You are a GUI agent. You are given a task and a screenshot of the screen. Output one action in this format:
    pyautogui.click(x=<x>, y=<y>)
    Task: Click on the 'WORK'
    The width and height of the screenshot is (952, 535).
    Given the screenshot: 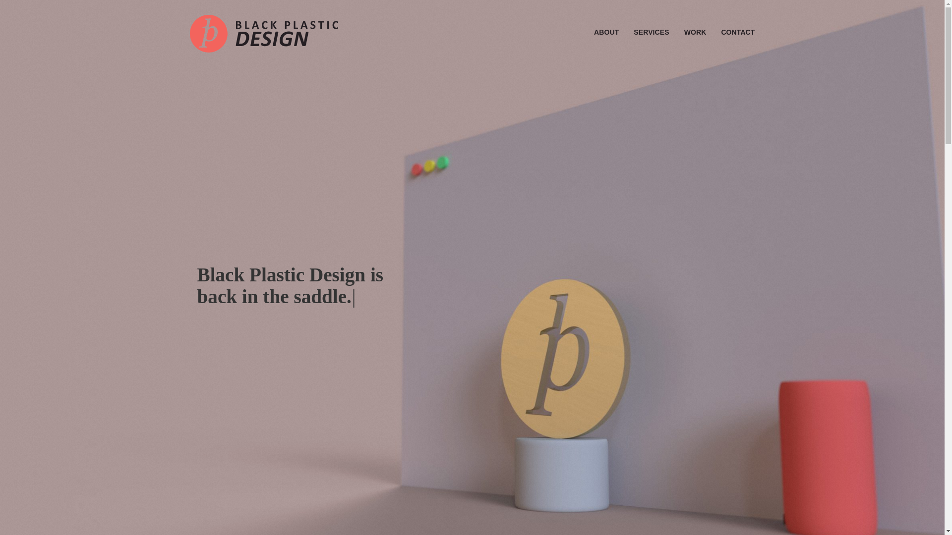 What is the action you would take?
    pyautogui.click(x=695, y=32)
    